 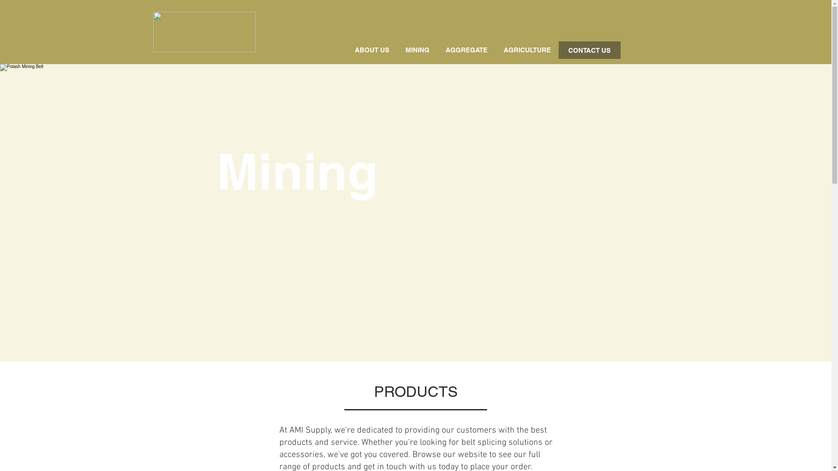 What do you see at coordinates (496, 50) in the screenshot?
I see `'AGRICULTURE'` at bounding box center [496, 50].